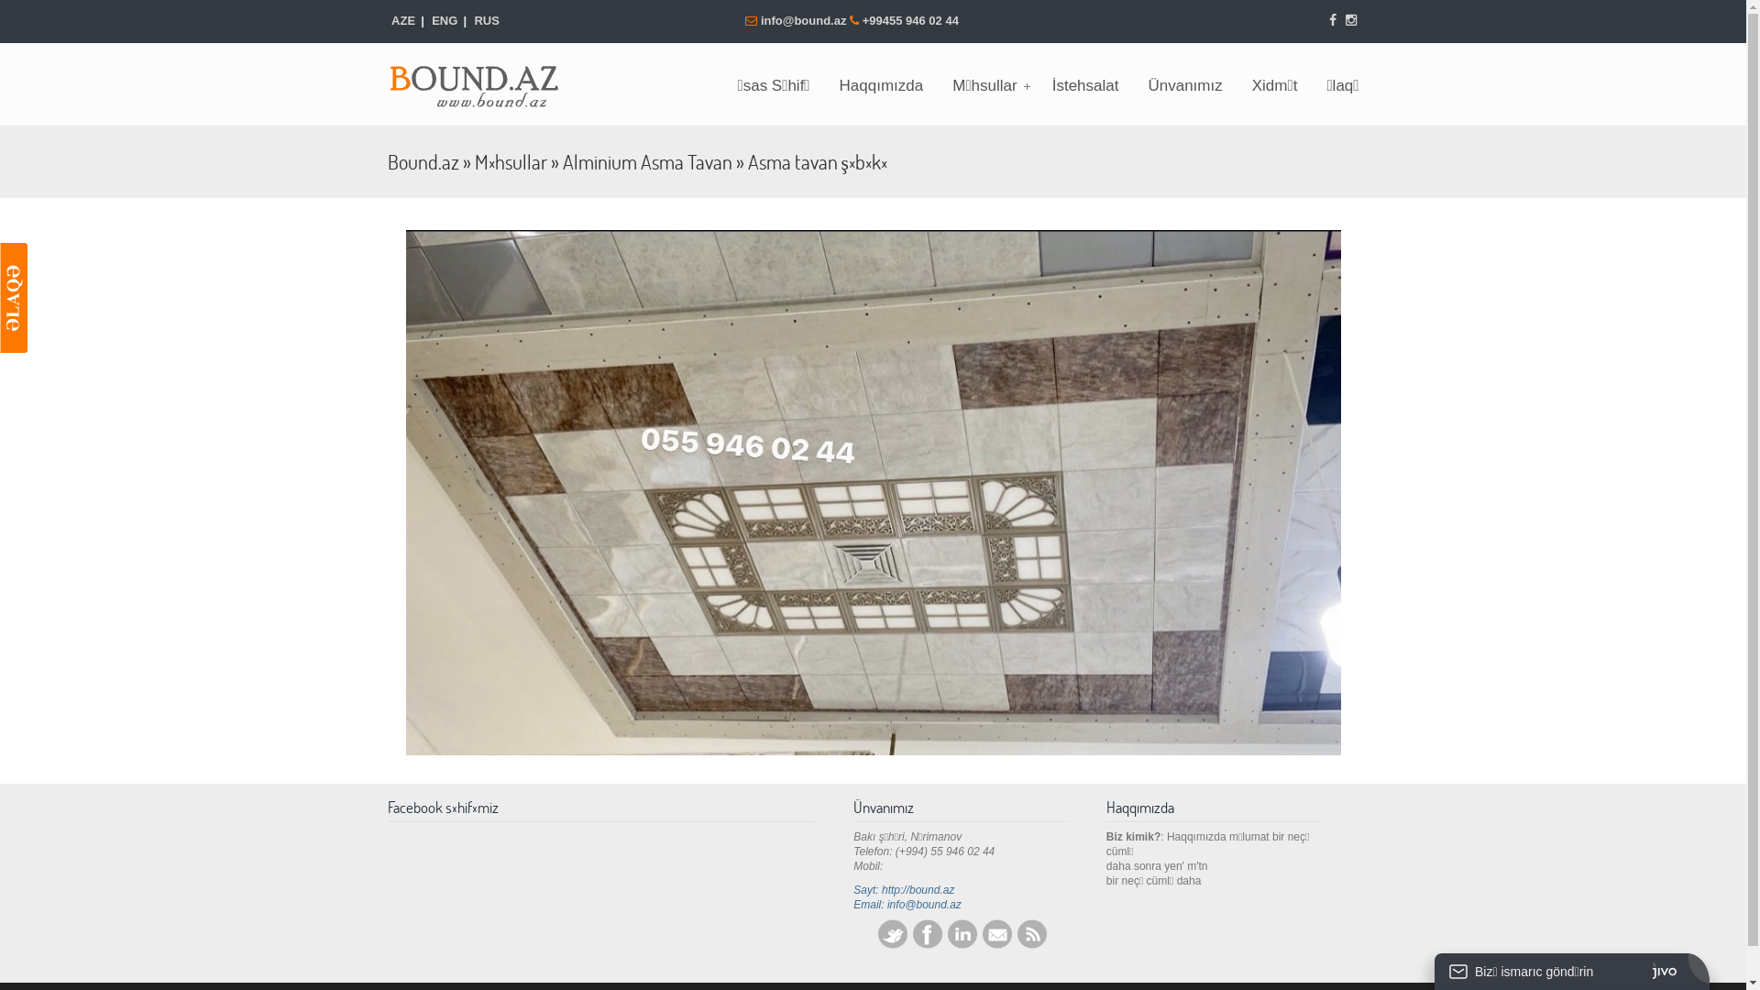 The height and width of the screenshot is (990, 1760). Describe the element at coordinates (483, 80) in the screenshot. I see `'Bound.az'` at that location.